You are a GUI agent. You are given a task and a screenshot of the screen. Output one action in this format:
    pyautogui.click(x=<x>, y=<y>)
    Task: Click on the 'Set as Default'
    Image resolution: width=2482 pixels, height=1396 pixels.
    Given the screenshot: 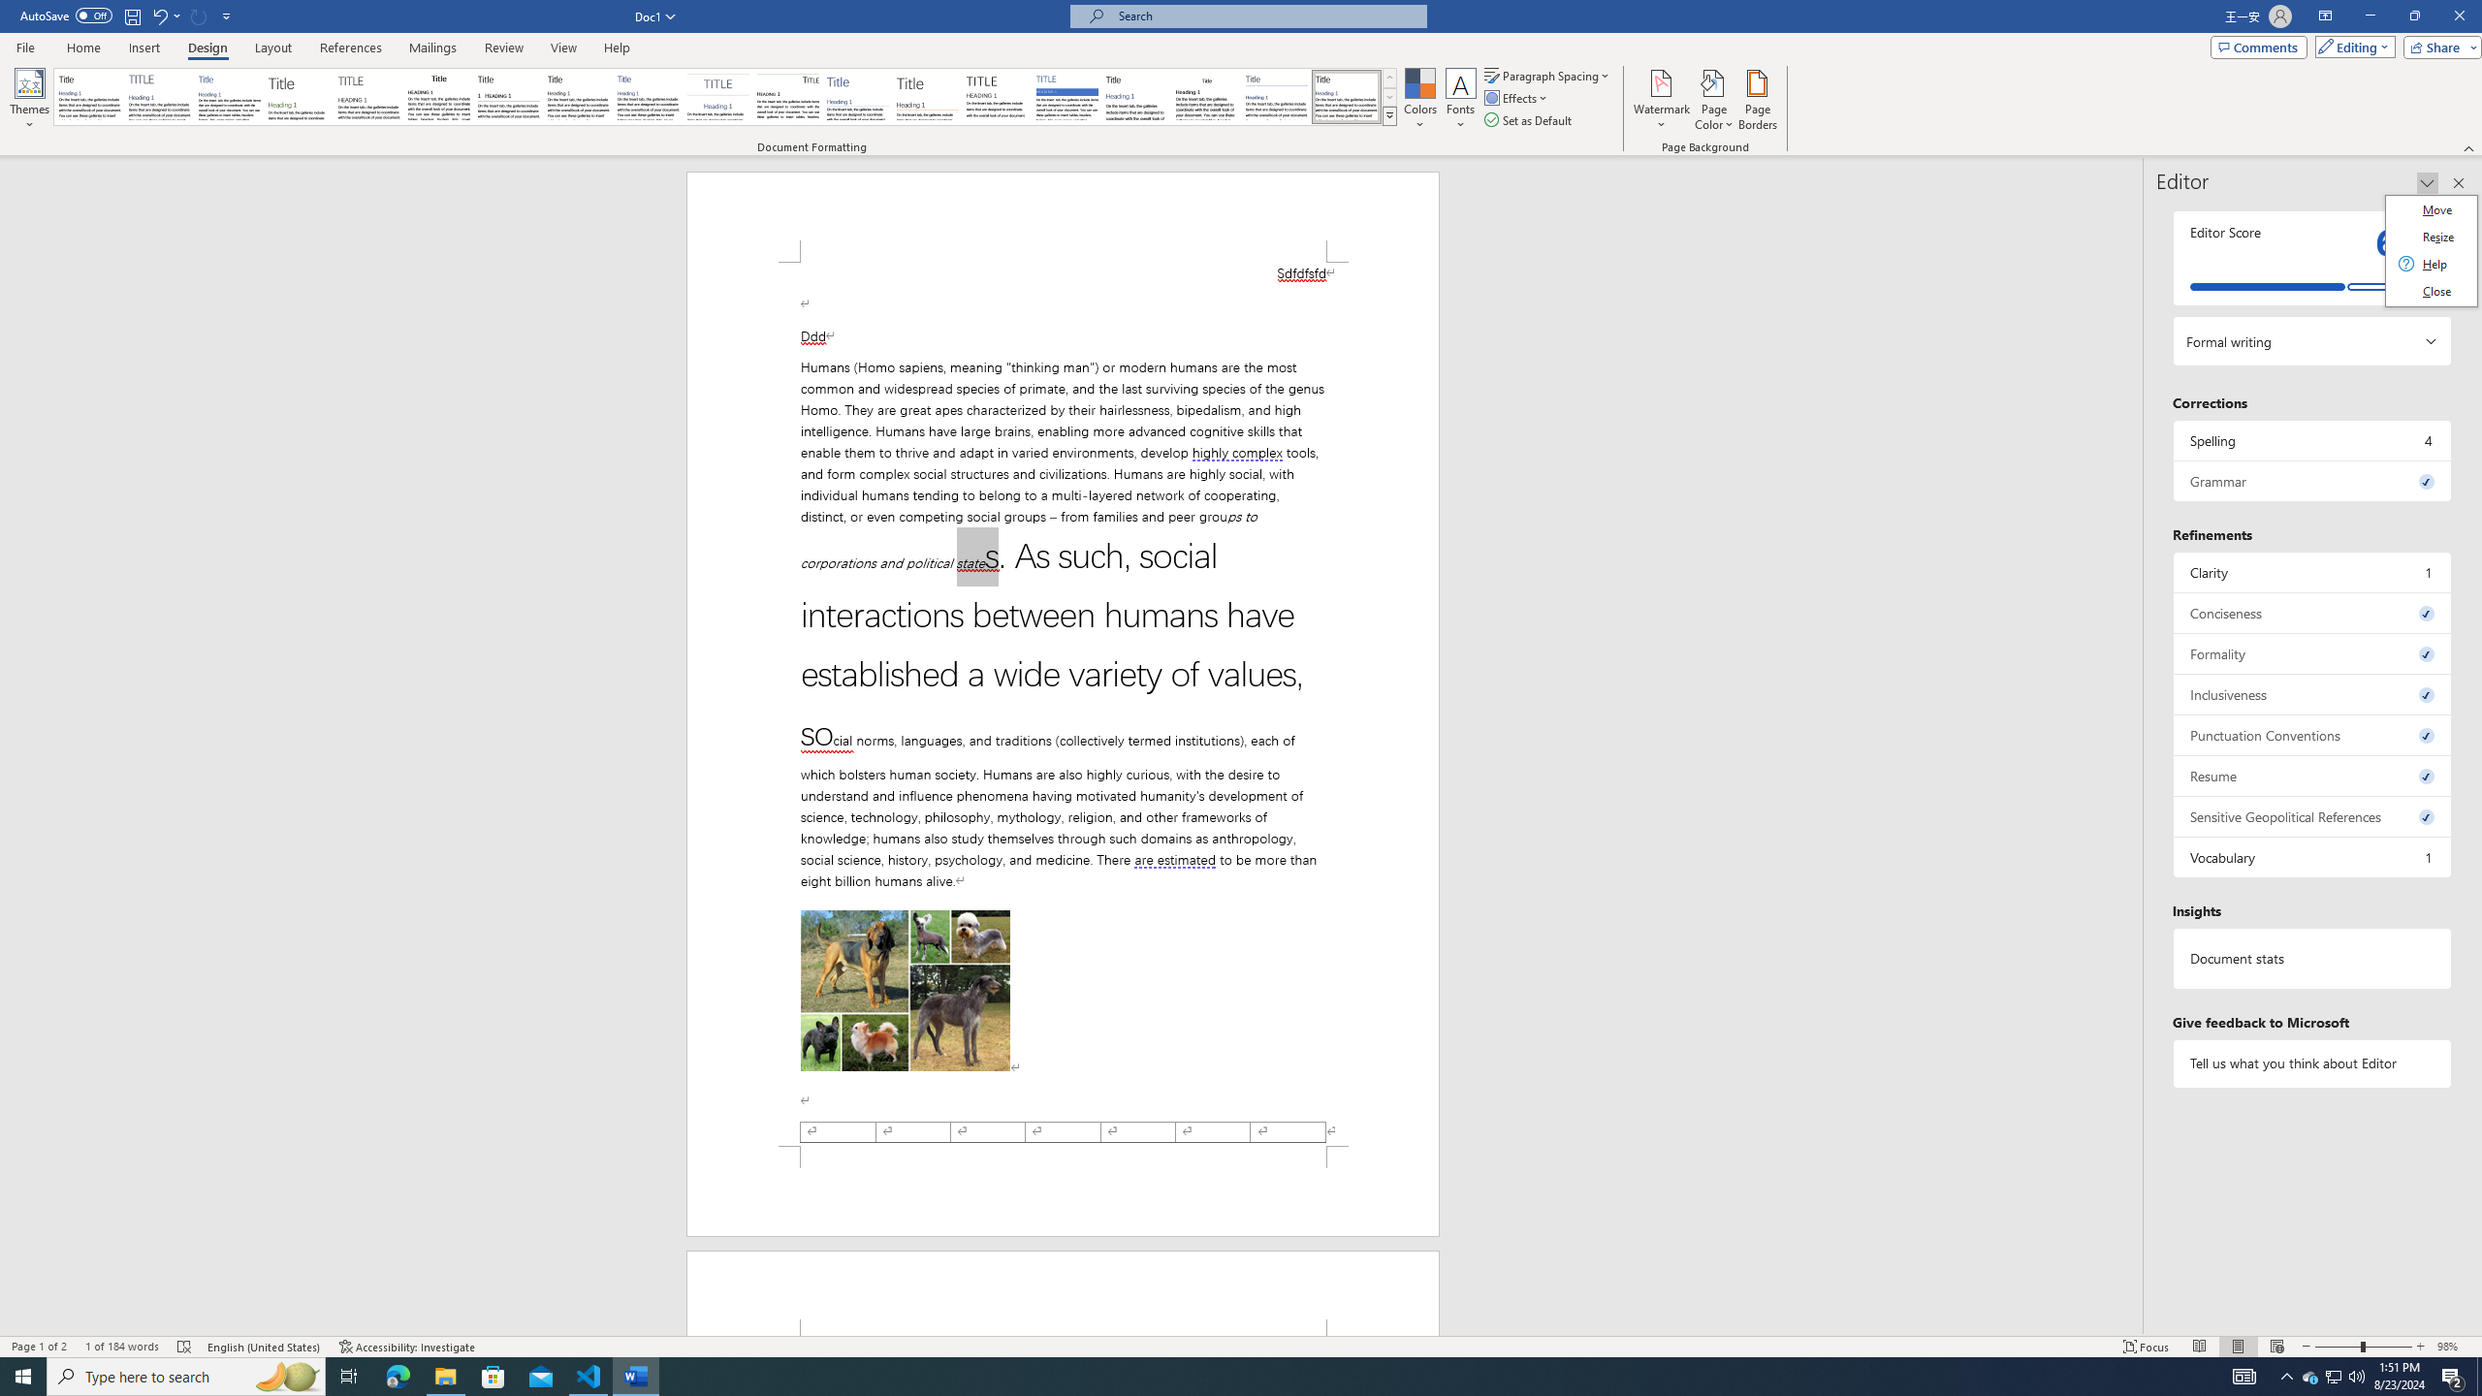 What is the action you would take?
    pyautogui.click(x=1529, y=118)
    